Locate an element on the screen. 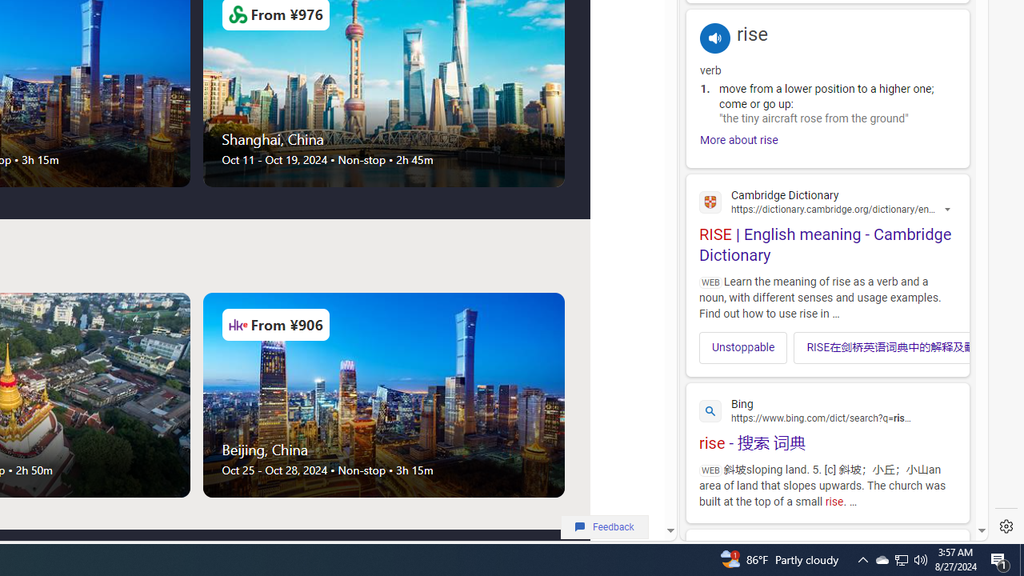 The height and width of the screenshot is (576, 1024). 'Unstoppable' is located at coordinates (742, 346).